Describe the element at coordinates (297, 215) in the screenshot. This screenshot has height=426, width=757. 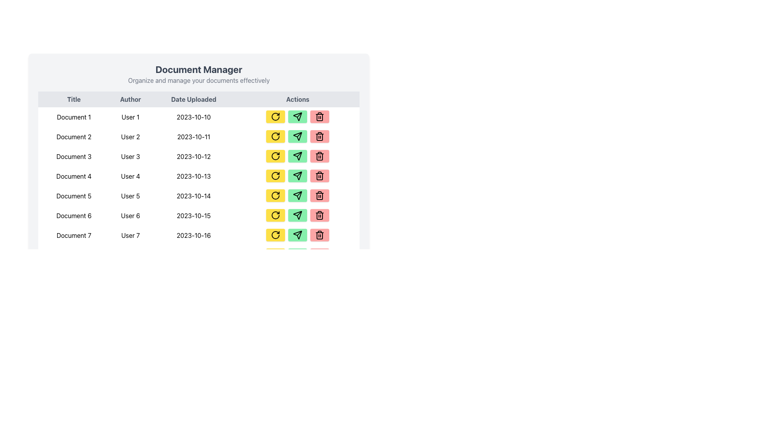
I see `the paper airplane icon on the green background in the 'Actions' column for 'Document 5' dated '2023-10-14' to send the associated document` at that location.